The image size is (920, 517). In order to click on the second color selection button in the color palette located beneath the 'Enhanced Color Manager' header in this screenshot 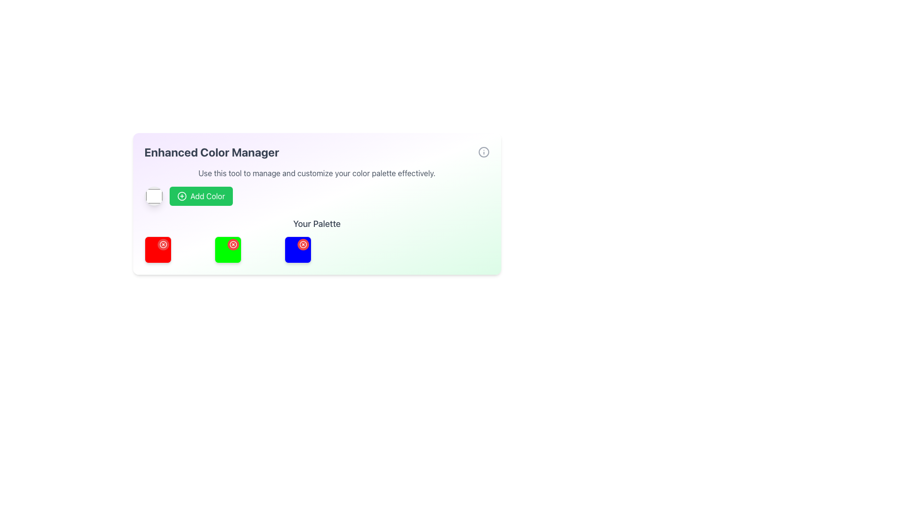, I will do `click(227, 249)`.